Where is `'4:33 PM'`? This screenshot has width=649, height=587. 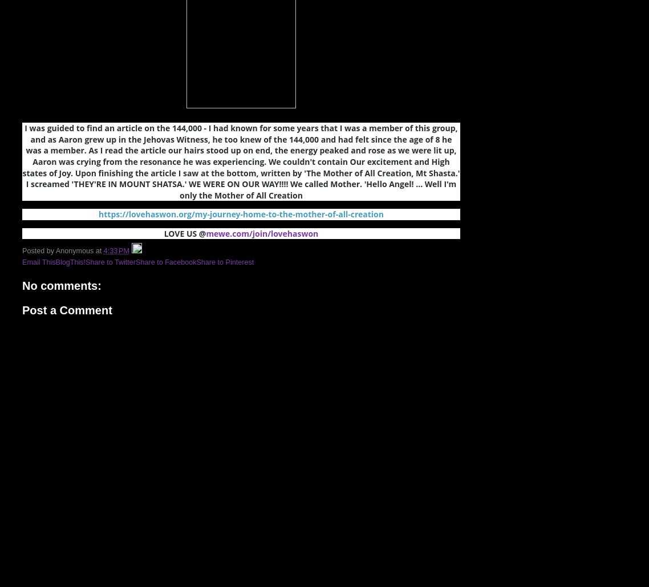 '4:33 PM' is located at coordinates (116, 249).